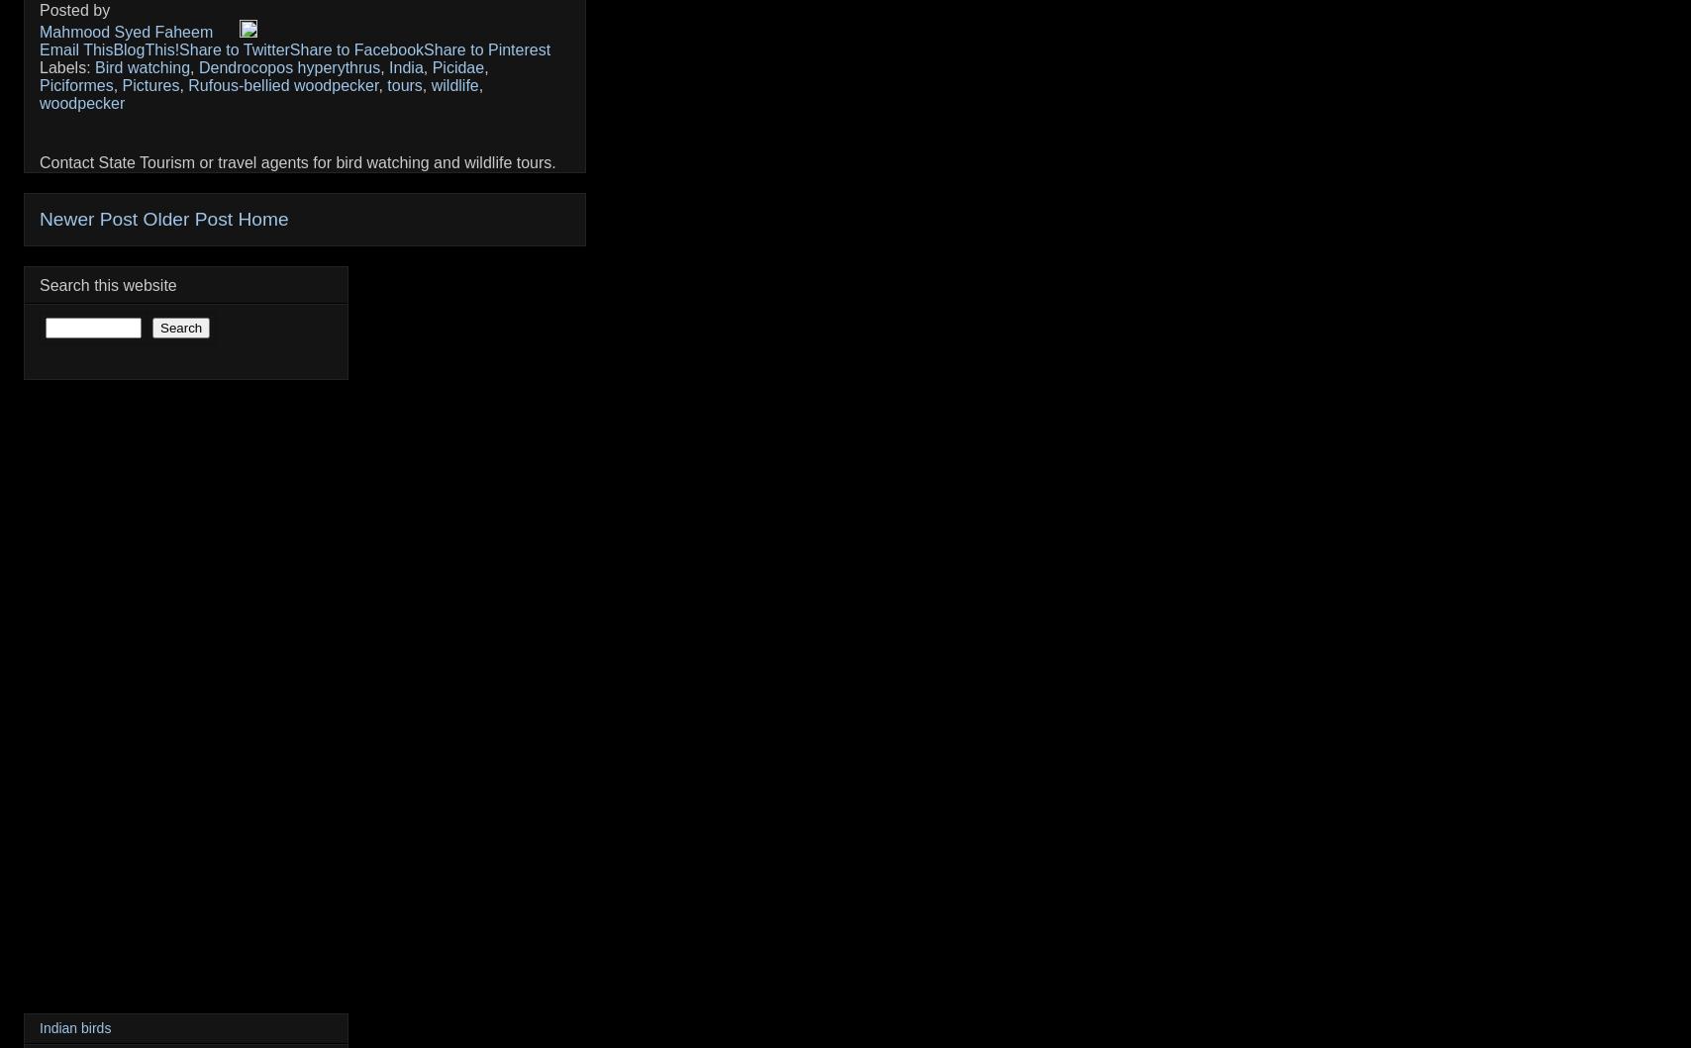  I want to click on 'Home', so click(262, 219).